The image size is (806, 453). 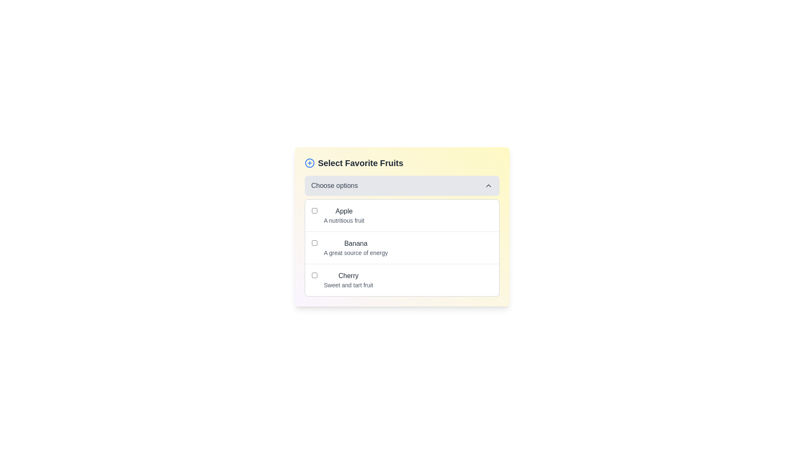 I want to click on the text label 'Choose options' located in the dropdown menu header beneath 'Select Favorite Fruits', so click(x=334, y=185).